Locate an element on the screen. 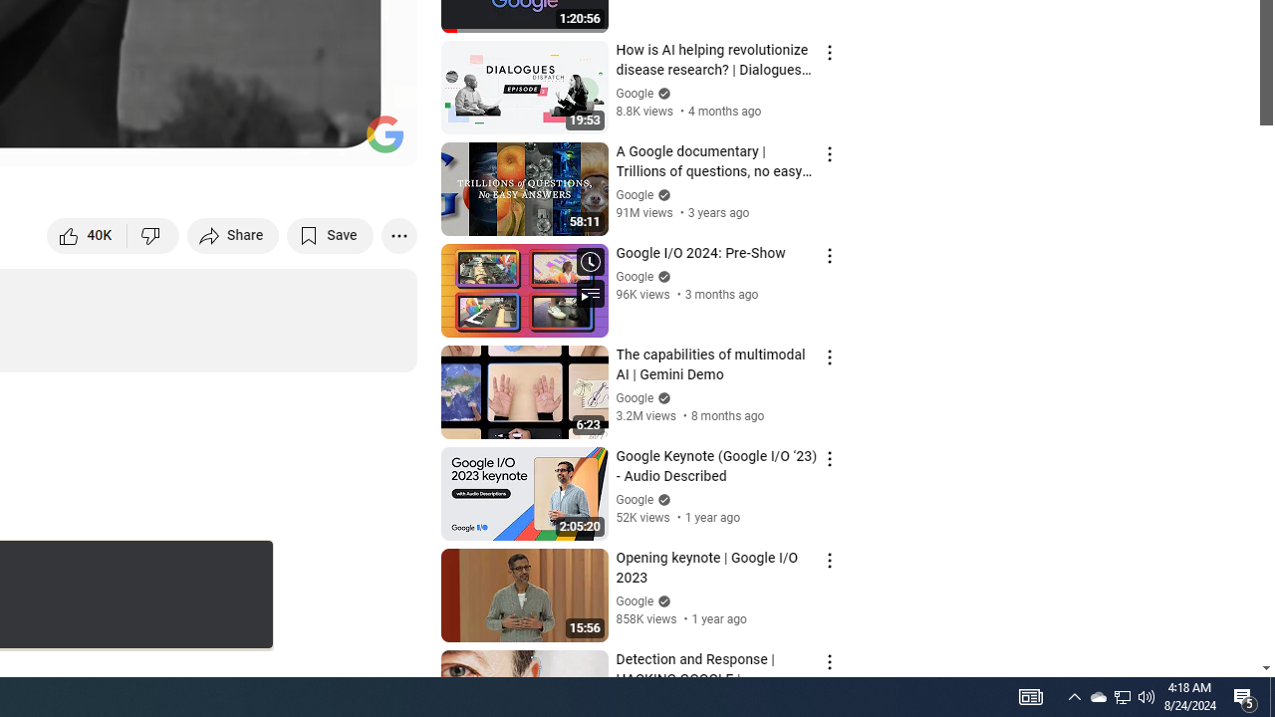  'Theater mode (t)' is located at coordinates (333, 140).